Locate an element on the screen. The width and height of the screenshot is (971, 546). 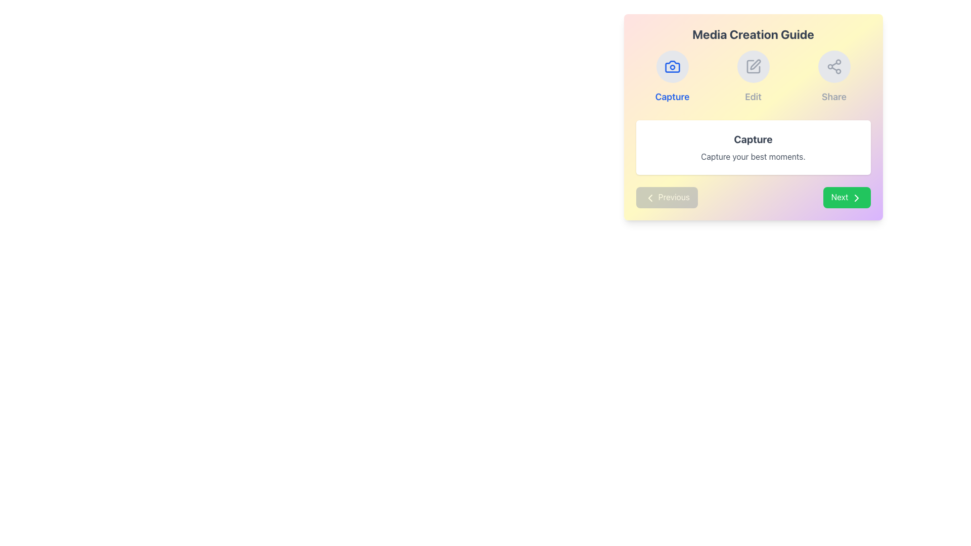
the circular 'Share' icon with a light-gray background located in the rightmost column of the layout, below which the label 'Share' is displayed in gray text is located at coordinates (834, 77).